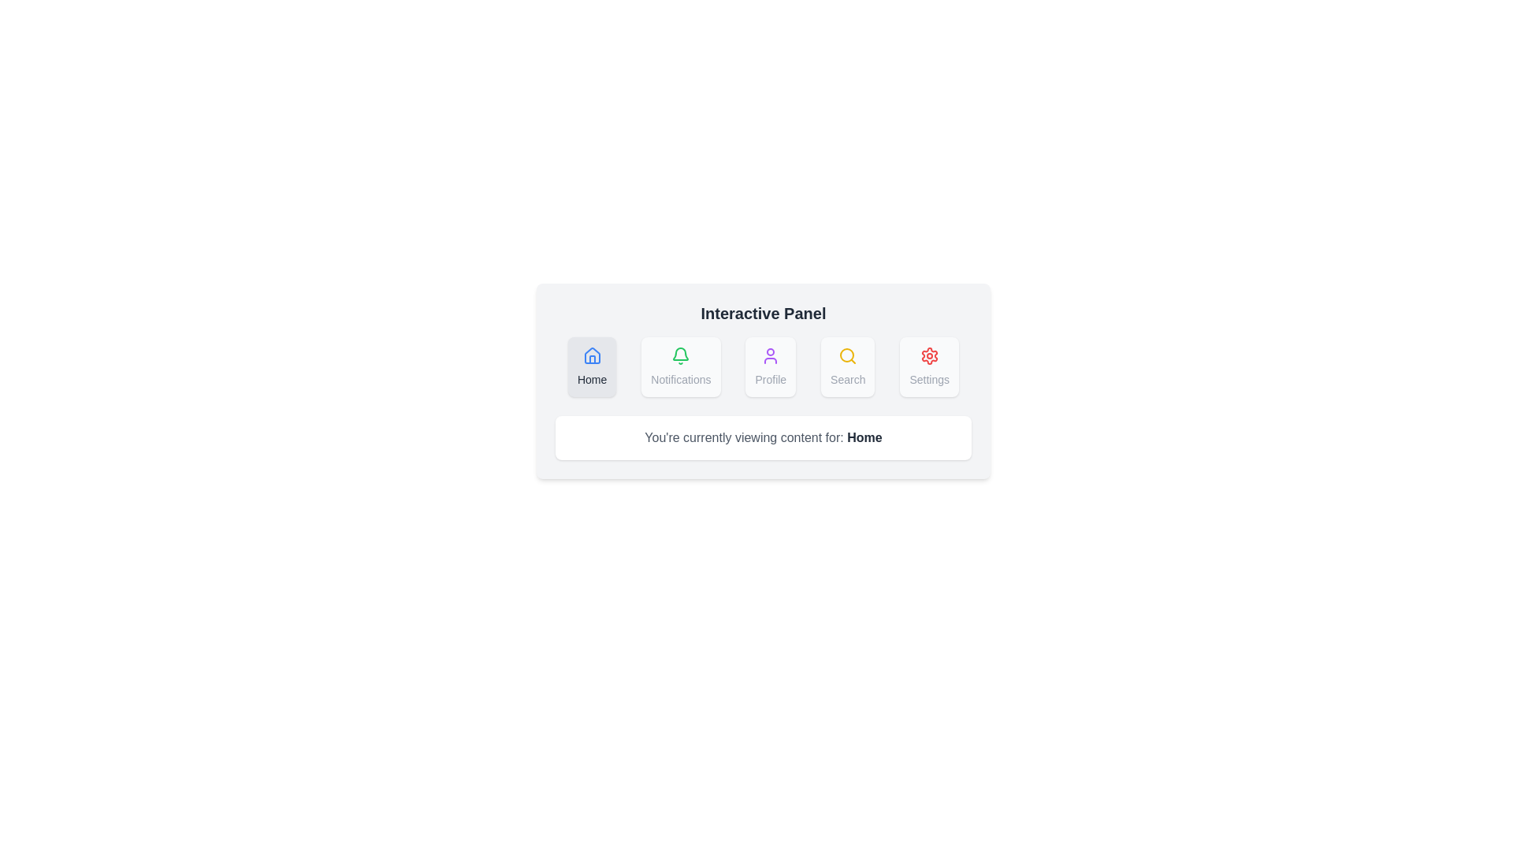 The image size is (1513, 851). Describe the element at coordinates (929, 355) in the screenshot. I see `the inner part of the red gear icon representing settings, located in the navigation panel` at that location.